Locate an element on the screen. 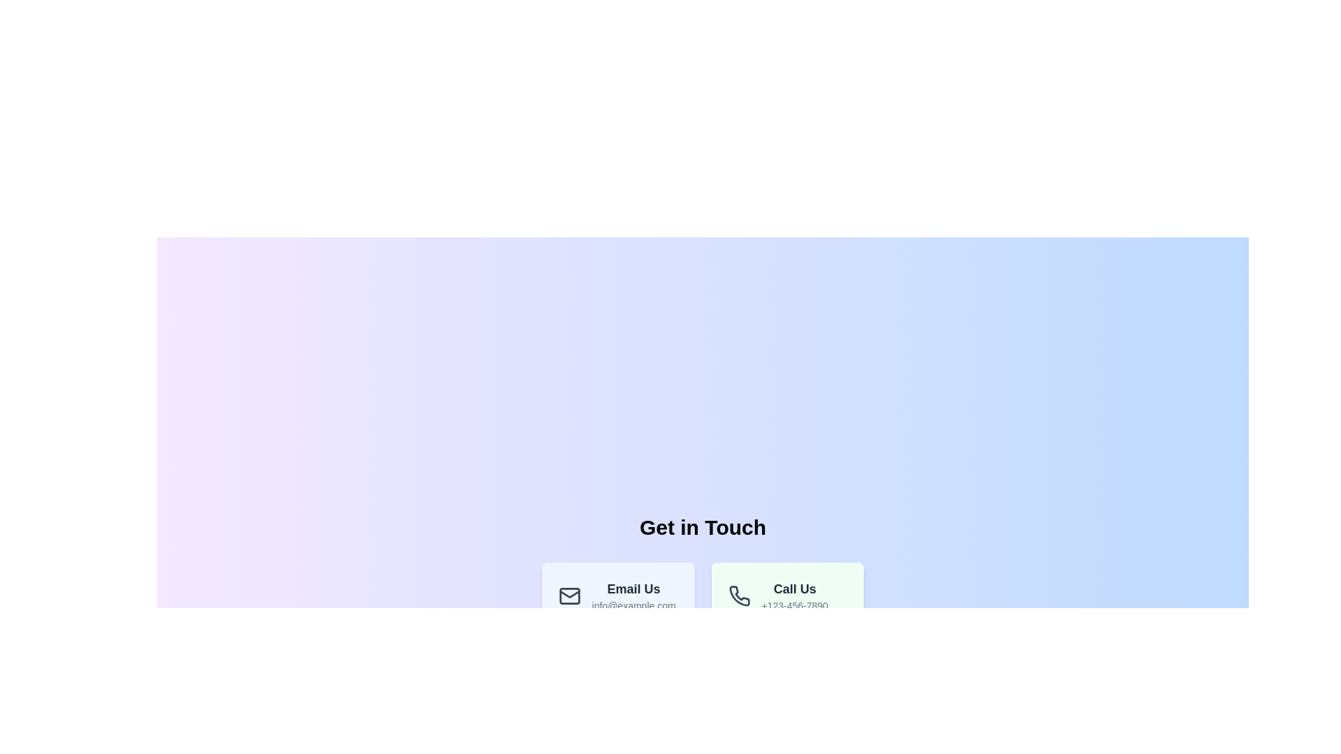 The width and height of the screenshot is (1341, 754). the Text Label that serves as a heading for the contact method card in the 'Get in Touch' section, positioned above the contact information is located at coordinates (633, 589).